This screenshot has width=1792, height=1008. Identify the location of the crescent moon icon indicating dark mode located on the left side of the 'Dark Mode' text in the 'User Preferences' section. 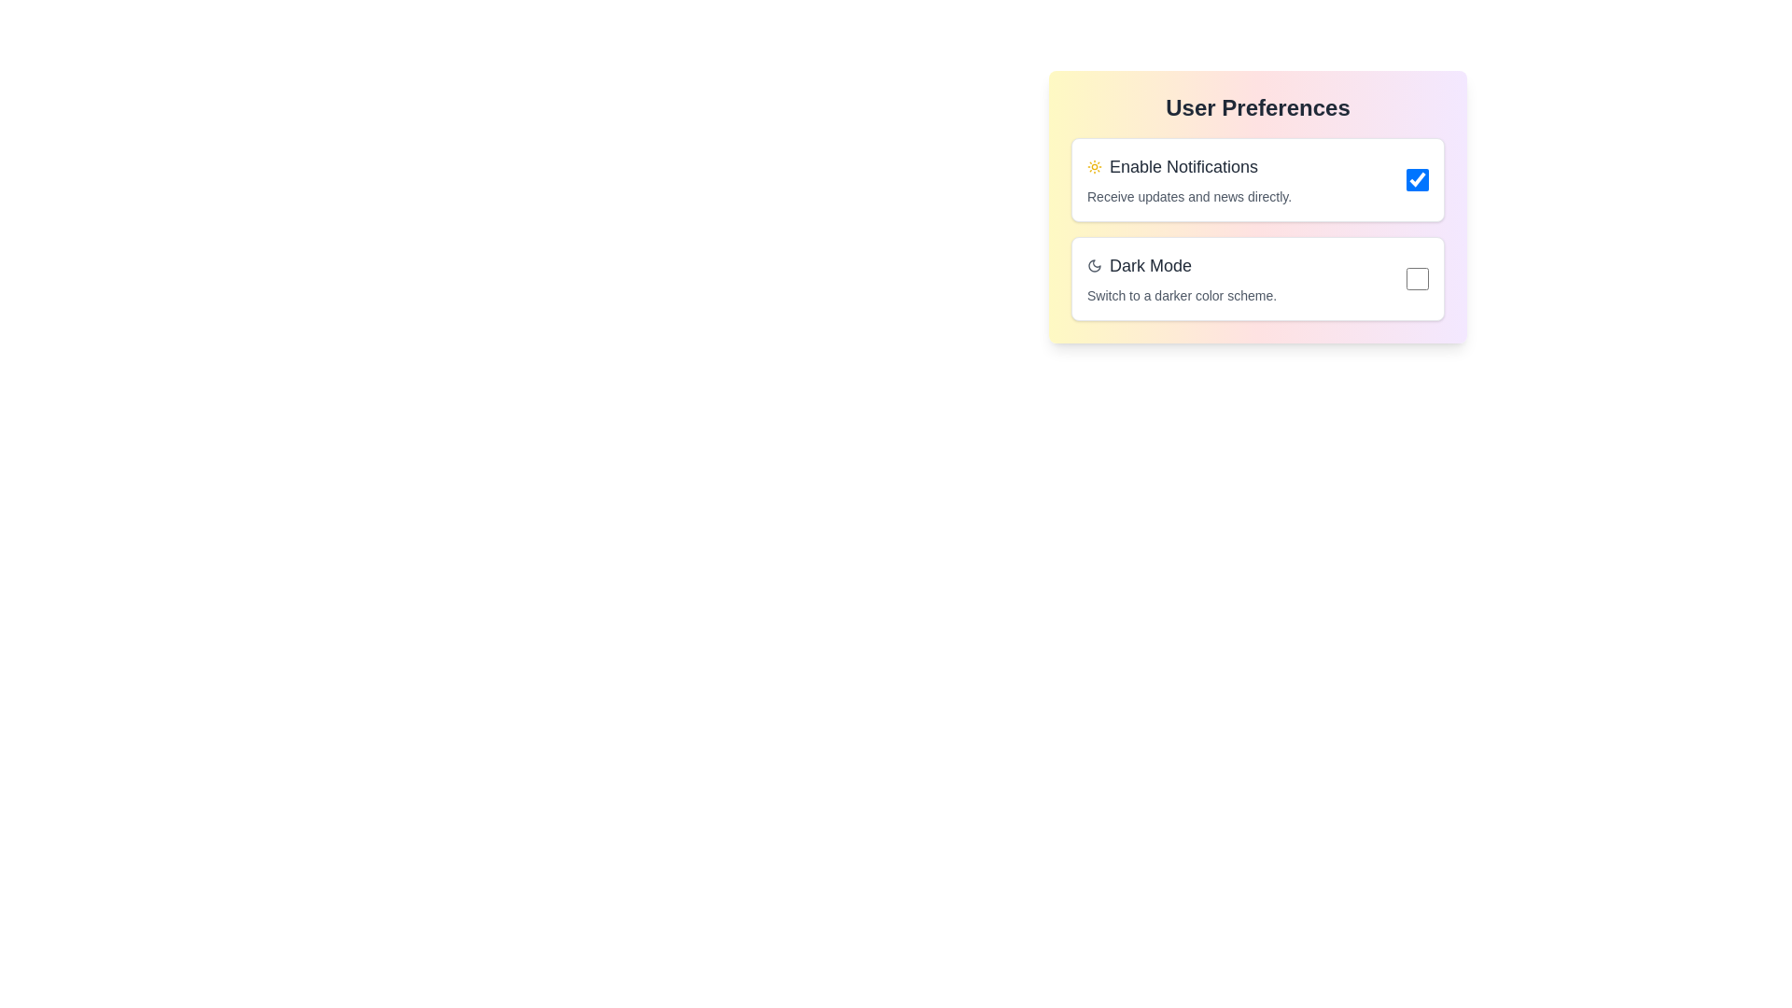
(1094, 266).